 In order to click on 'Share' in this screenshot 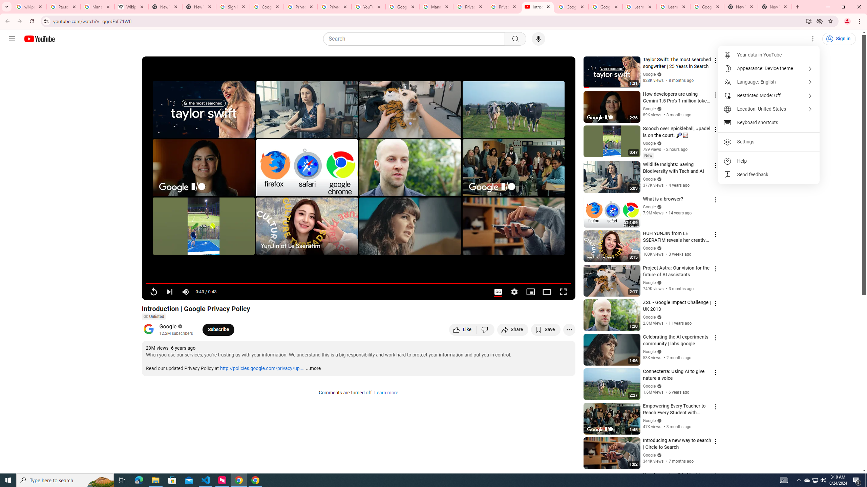, I will do `click(512, 329)`.